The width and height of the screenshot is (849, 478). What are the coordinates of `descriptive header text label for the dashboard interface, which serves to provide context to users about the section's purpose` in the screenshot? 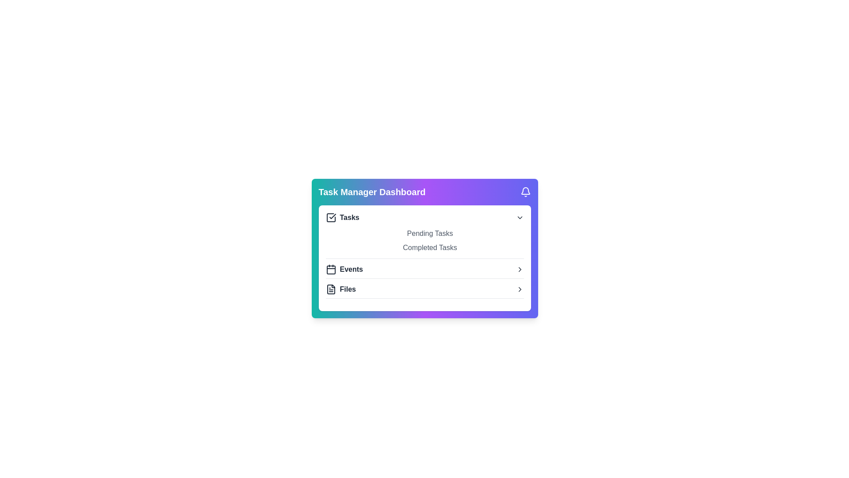 It's located at (372, 192).